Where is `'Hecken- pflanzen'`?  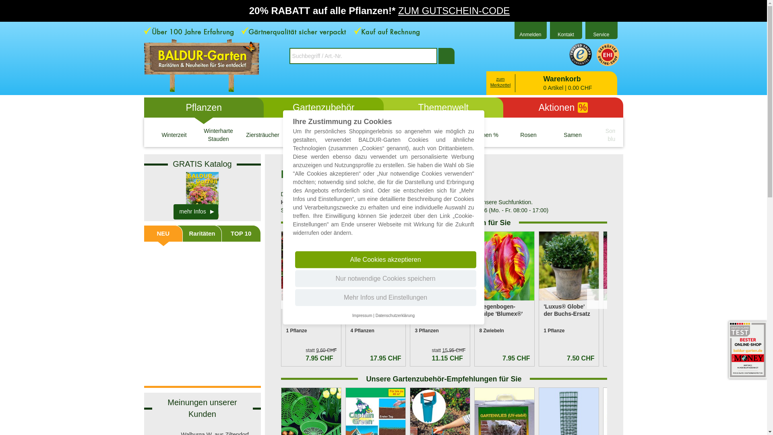
'Hecken- pflanzen' is located at coordinates (307, 135).